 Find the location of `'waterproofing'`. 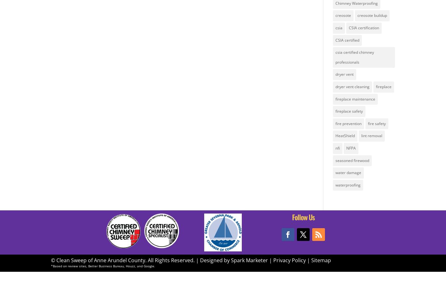

'waterproofing' is located at coordinates (348, 184).